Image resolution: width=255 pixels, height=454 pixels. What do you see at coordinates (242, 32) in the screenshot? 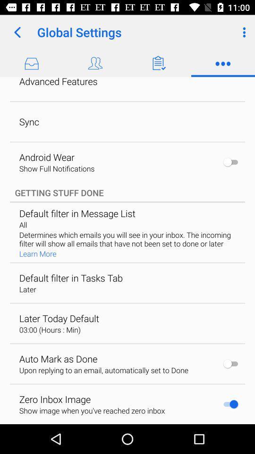
I see `the item to the right of the global settings app` at bounding box center [242, 32].